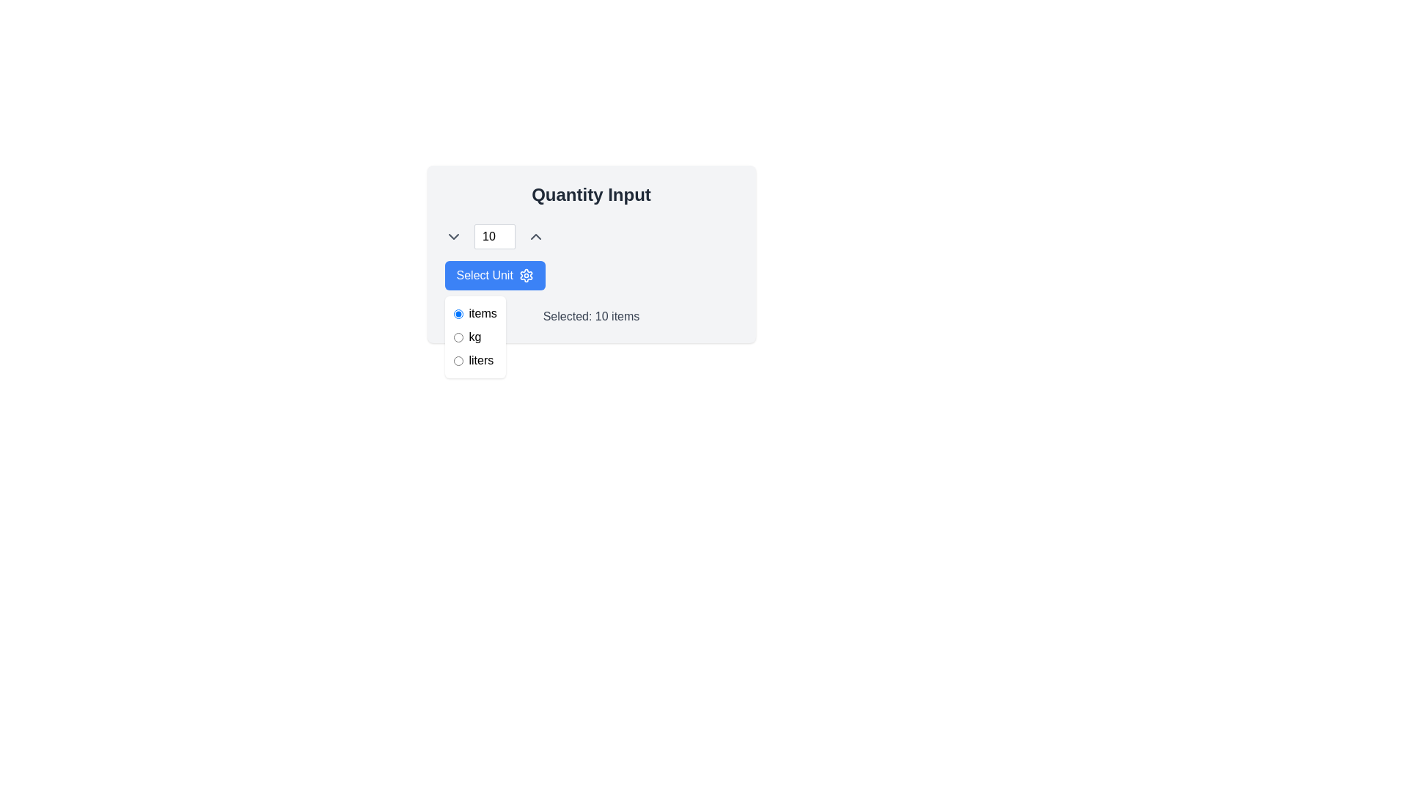  What do you see at coordinates (475, 313) in the screenshot?
I see `the blue selected radio button labeled 'items'` at bounding box center [475, 313].